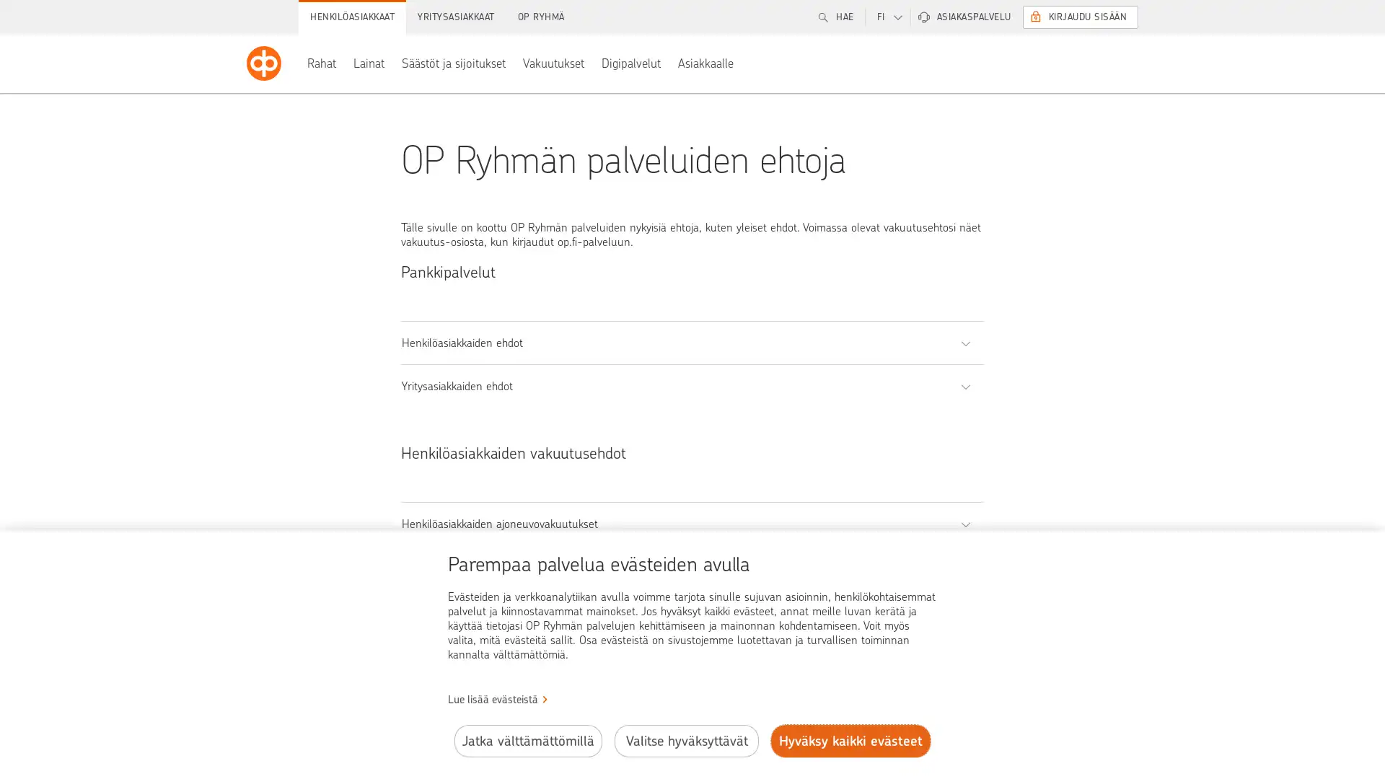  What do you see at coordinates (1080, 17) in the screenshot?
I see `KIRJAUDU SISAAN` at bounding box center [1080, 17].